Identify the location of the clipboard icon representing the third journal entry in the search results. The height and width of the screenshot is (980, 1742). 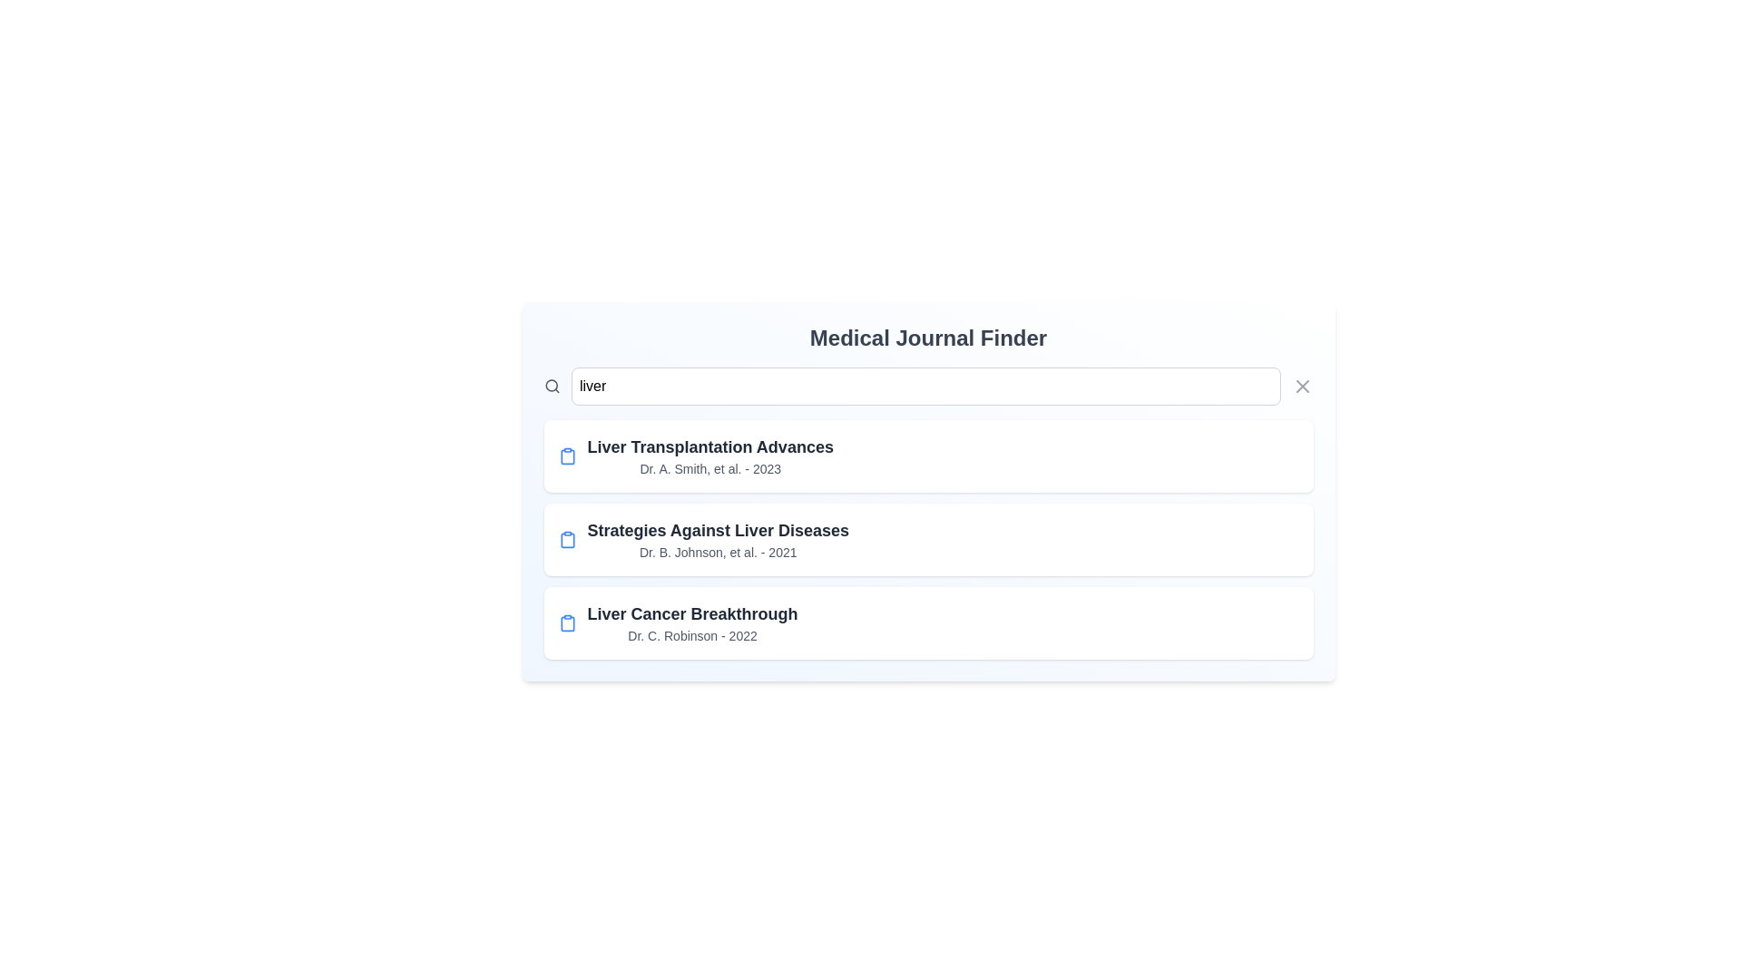
(566, 622).